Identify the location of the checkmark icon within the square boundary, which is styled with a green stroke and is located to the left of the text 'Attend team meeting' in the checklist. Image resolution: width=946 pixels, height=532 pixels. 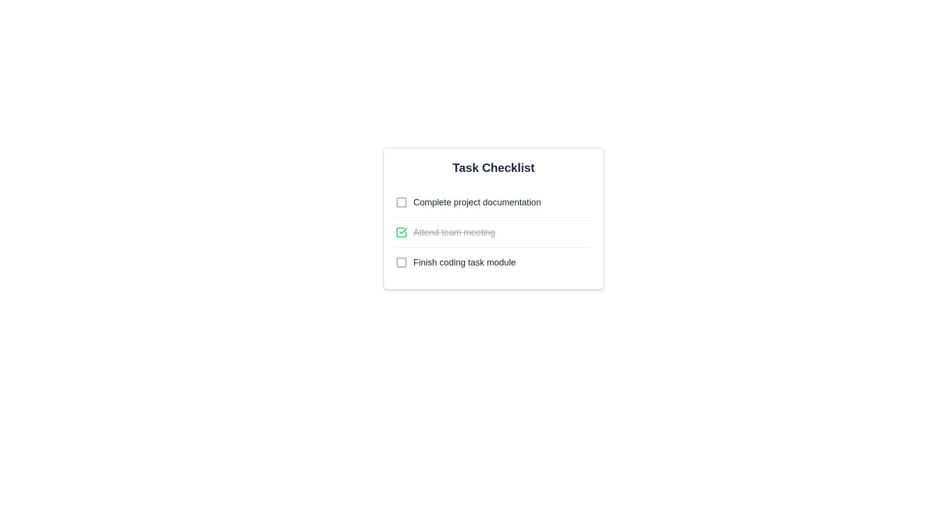
(403, 231).